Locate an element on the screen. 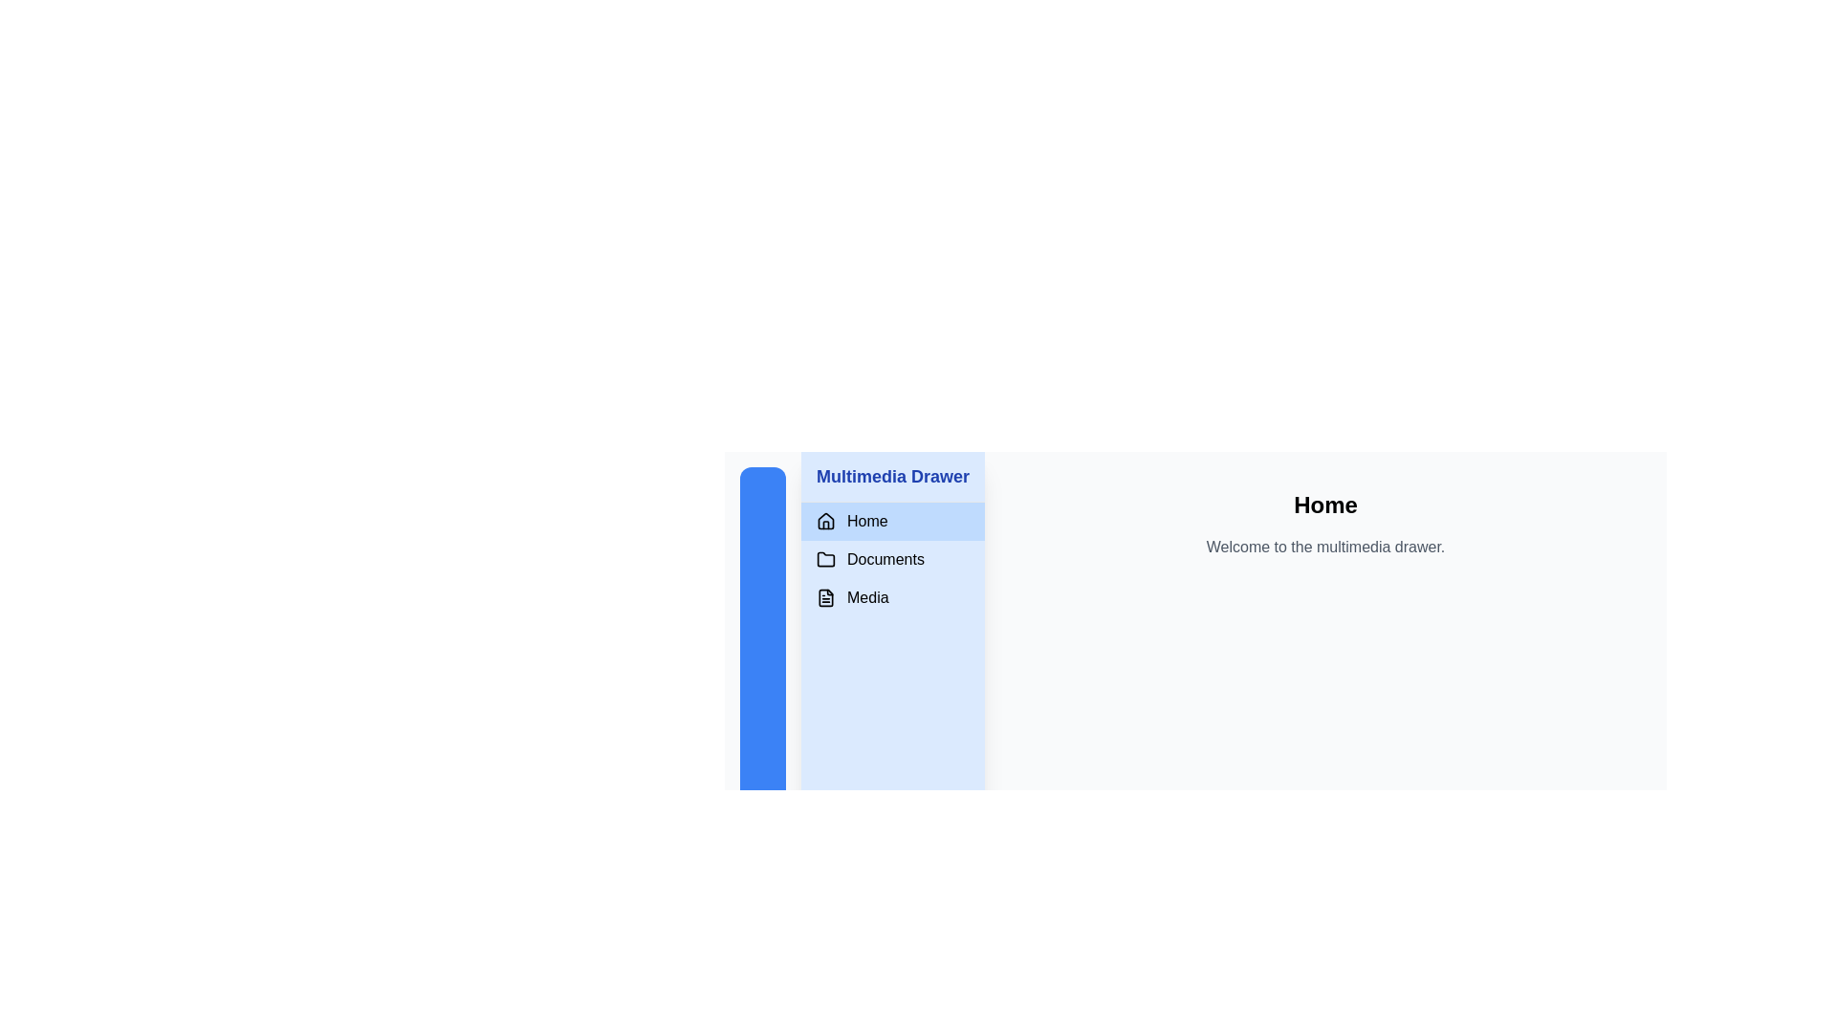 The image size is (1836, 1032). the navigation menu item for 'Media' located in the left sidebar is located at coordinates (892, 596).